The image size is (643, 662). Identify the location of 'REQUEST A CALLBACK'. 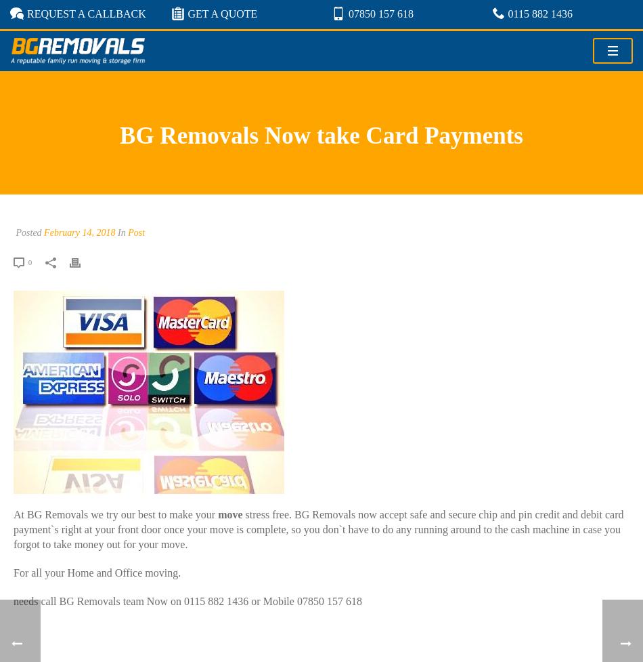
(86, 14).